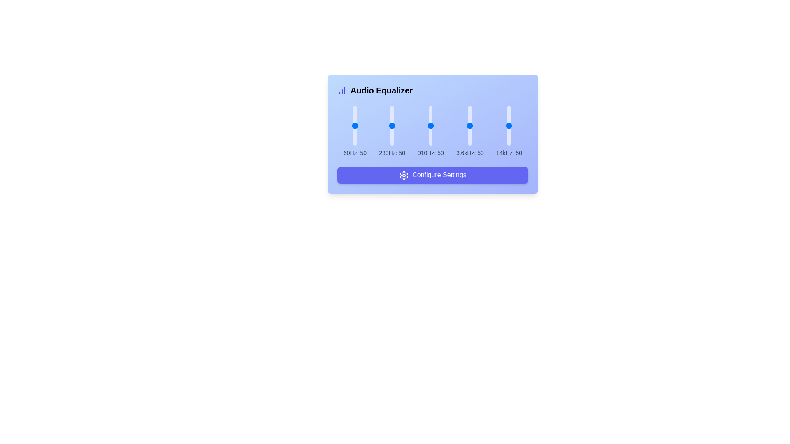  Describe the element at coordinates (432, 131) in the screenshot. I see `the vertical slider labeled '910Hz: 50'` at that location.